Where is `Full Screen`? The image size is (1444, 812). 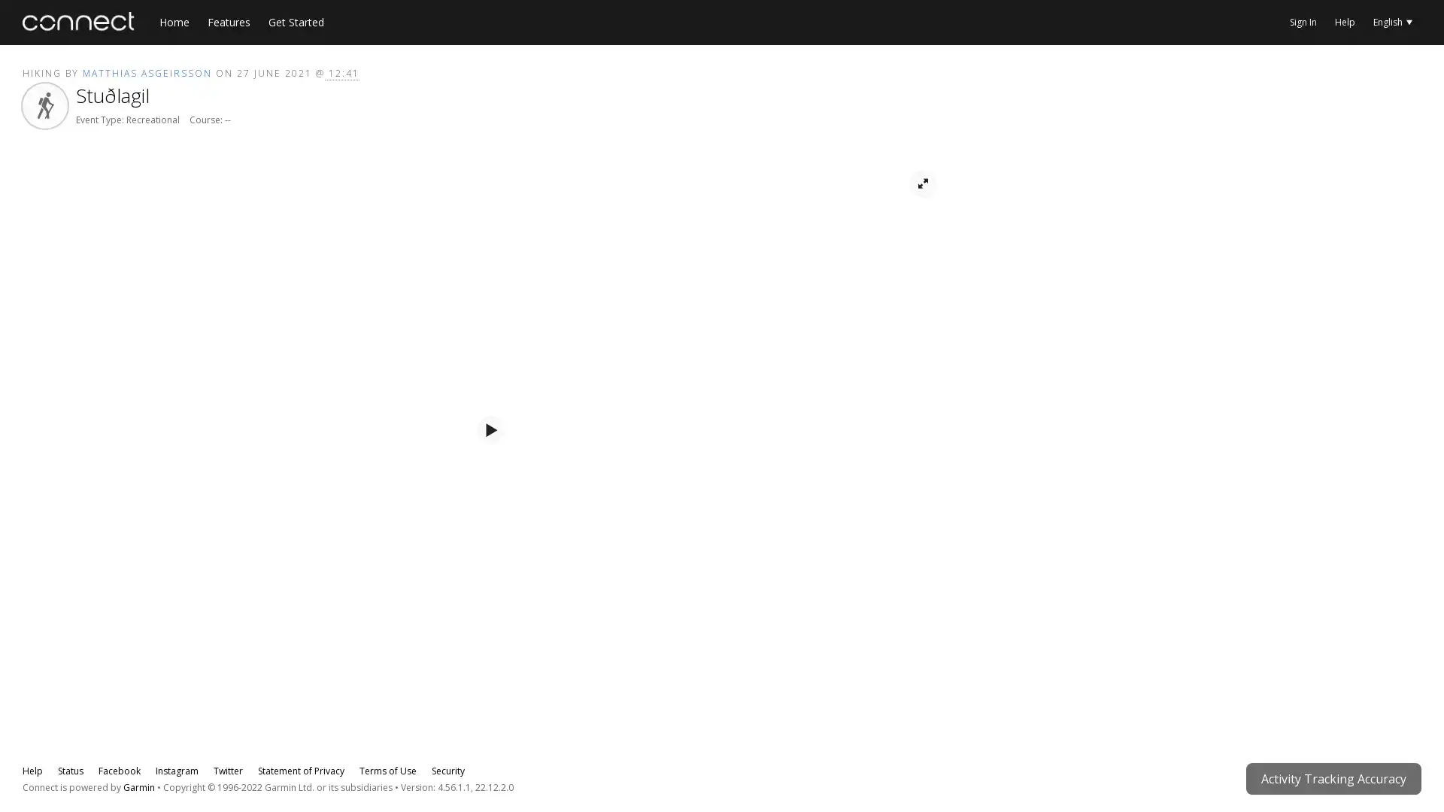
Full Screen is located at coordinates (922, 225).